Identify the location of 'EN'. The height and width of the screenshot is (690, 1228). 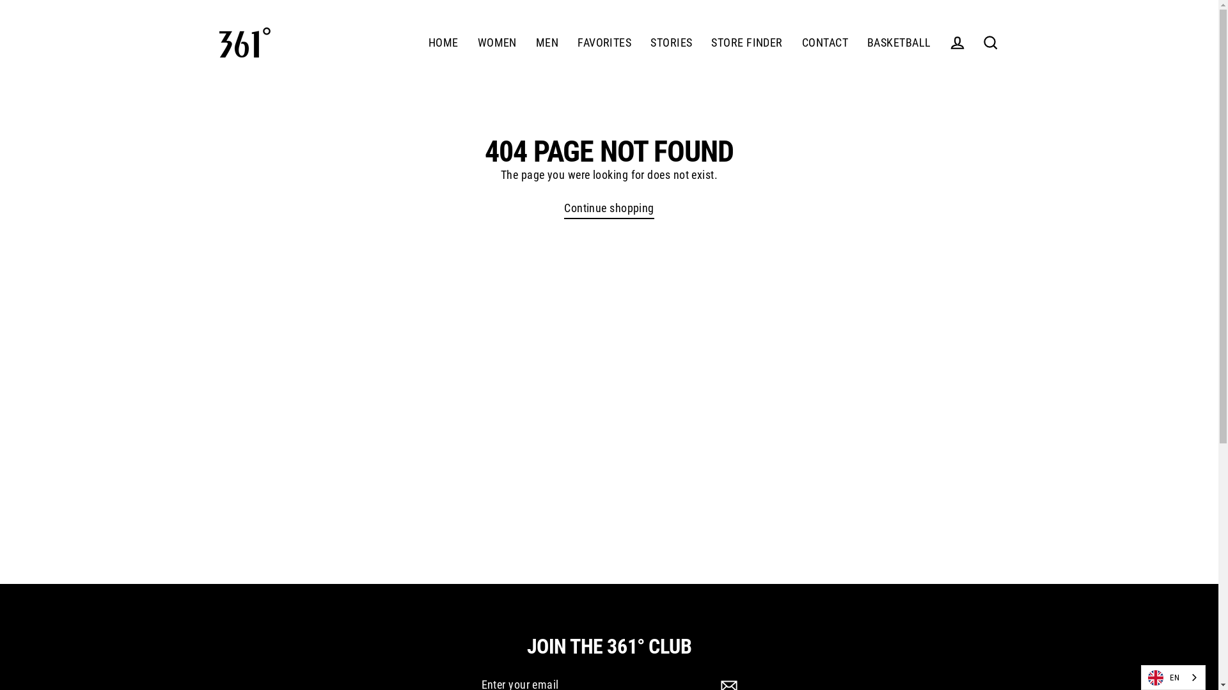
(1173, 677).